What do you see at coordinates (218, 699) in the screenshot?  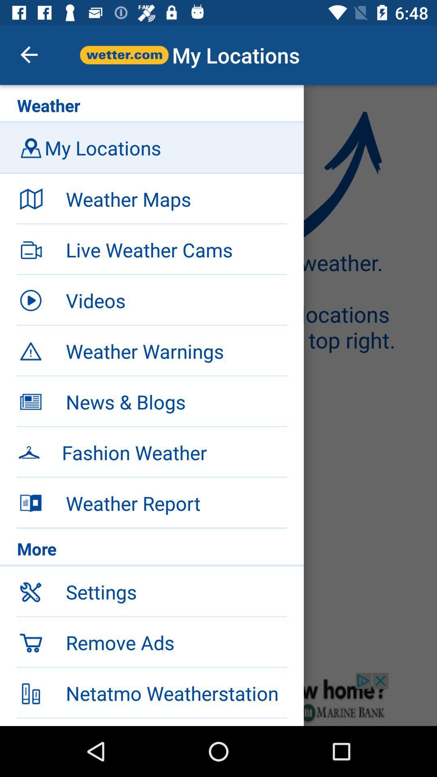 I see `display advertisement site` at bounding box center [218, 699].